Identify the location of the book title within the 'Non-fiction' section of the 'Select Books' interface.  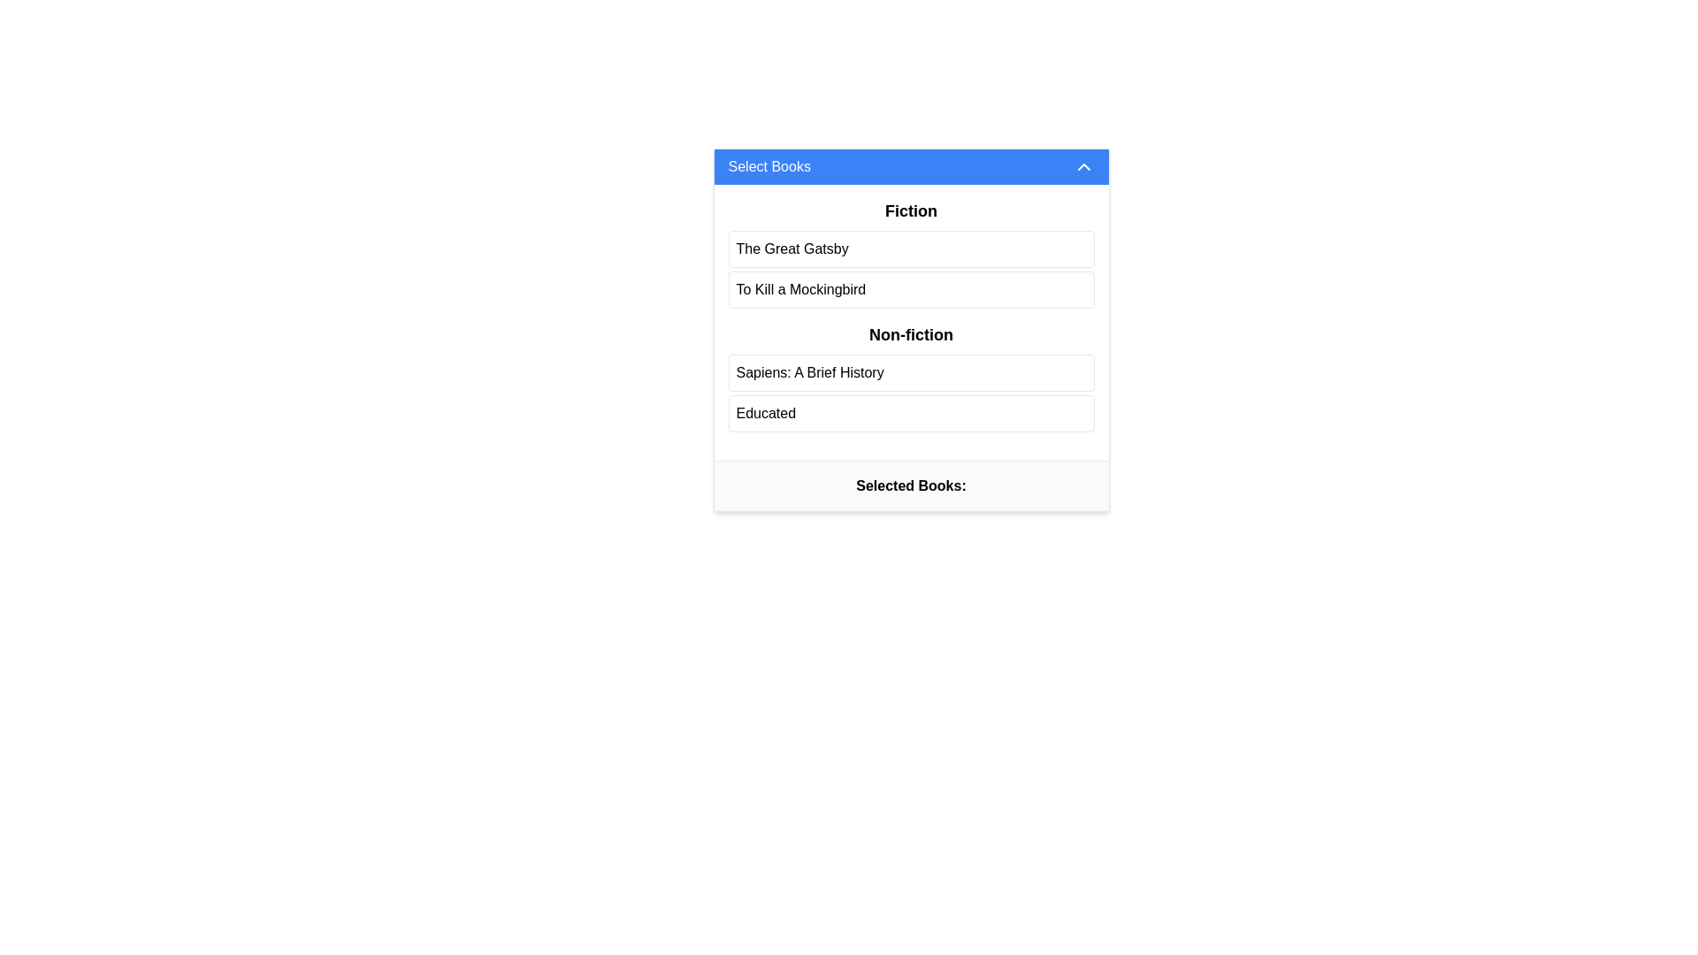
(911, 377).